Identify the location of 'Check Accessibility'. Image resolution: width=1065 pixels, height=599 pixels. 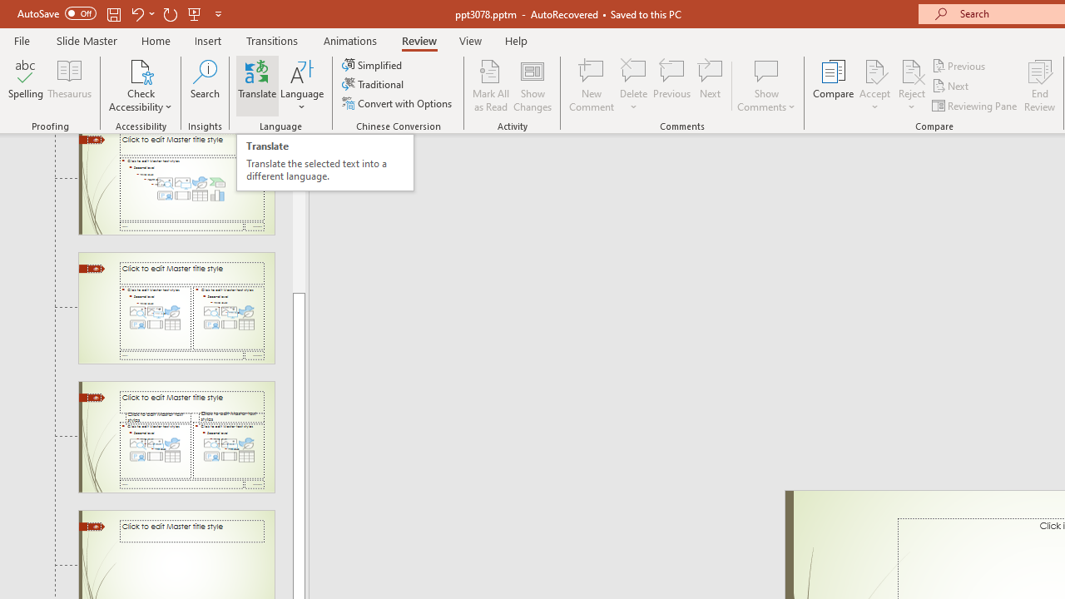
(141, 86).